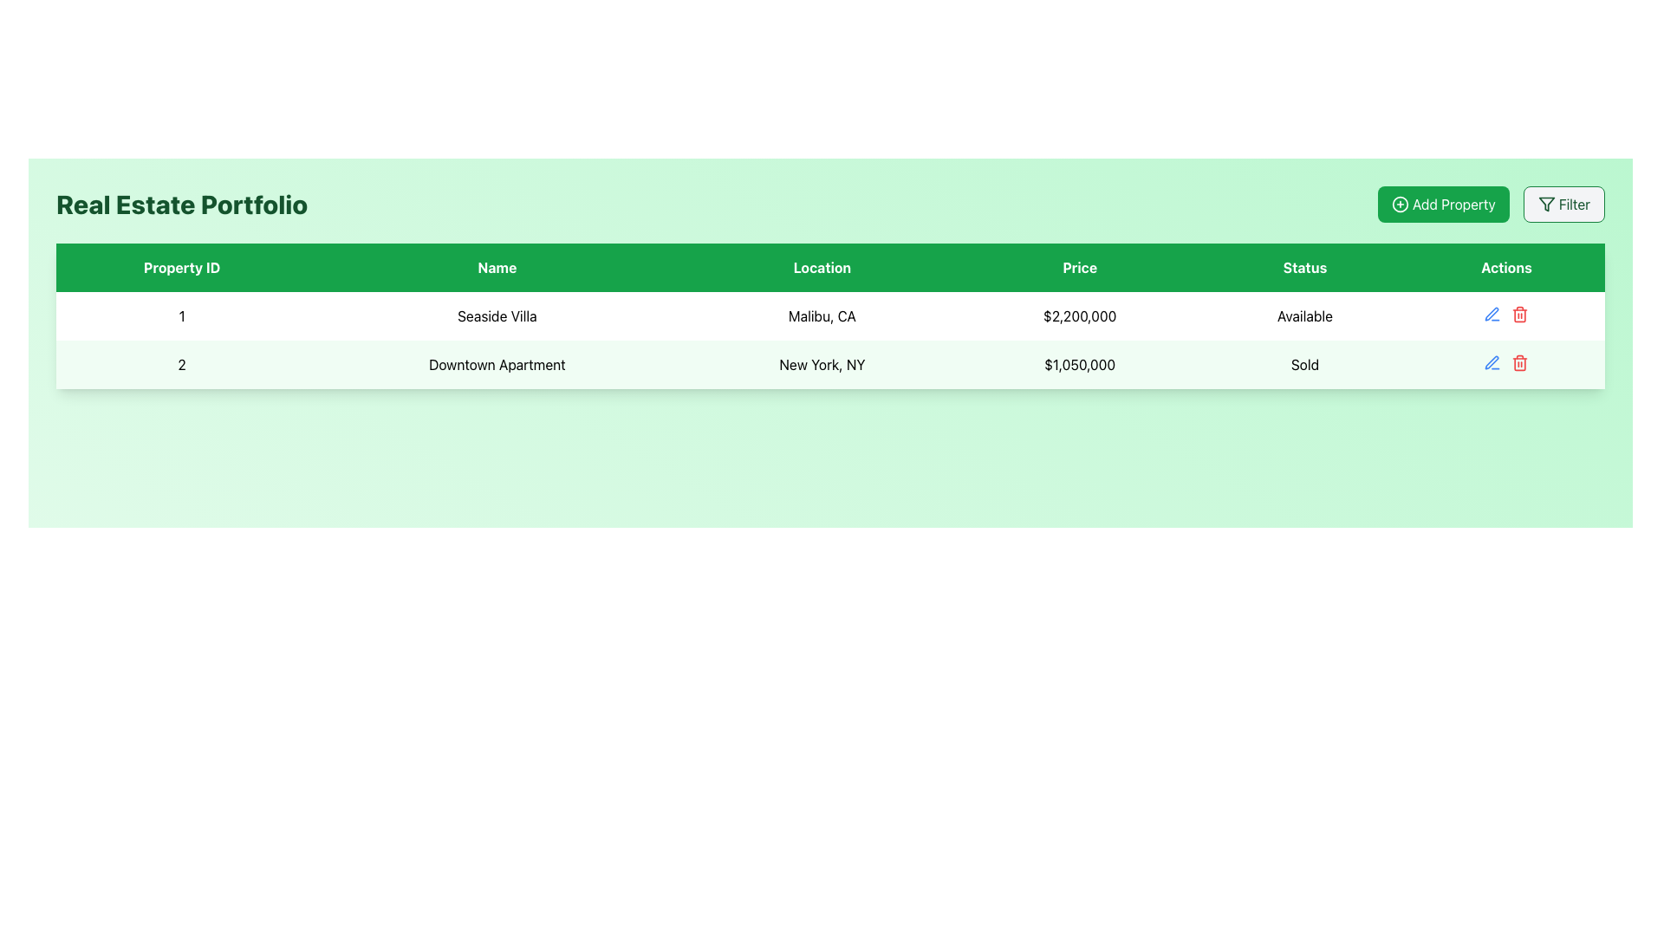 The height and width of the screenshot is (936, 1664). Describe the element at coordinates (822, 363) in the screenshot. I see `the Text Label displaying 'New York, NY' in the third column of the second row of the 'Real Estate Portfolio' table` at that location.